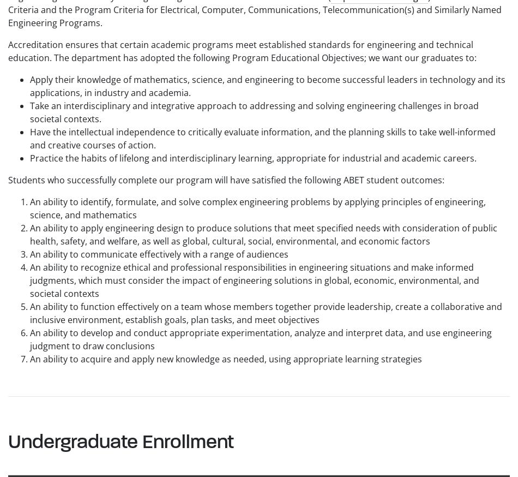 Image resolution: width=518 pixels, height=477 pixels. What do you see at coordinates (159, 253) in the screenshot?
I see `'An ability to communicate effectively with a range of audiences'` at bounding box center [159, 253].